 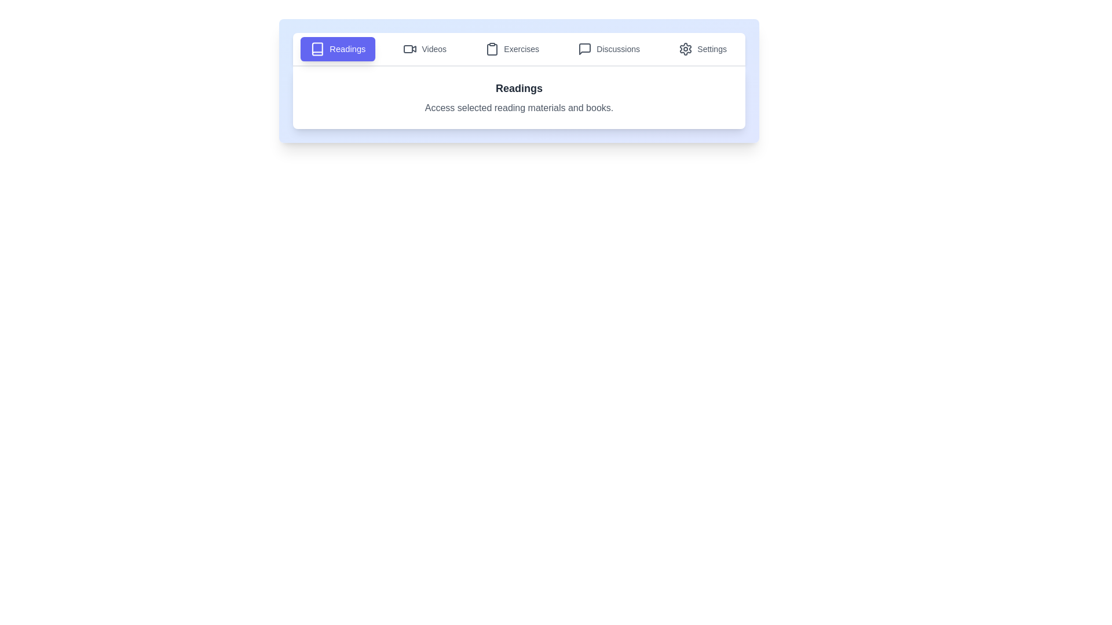 I want to click on the Discussions tab to view its content, so click(x=608, y=48).